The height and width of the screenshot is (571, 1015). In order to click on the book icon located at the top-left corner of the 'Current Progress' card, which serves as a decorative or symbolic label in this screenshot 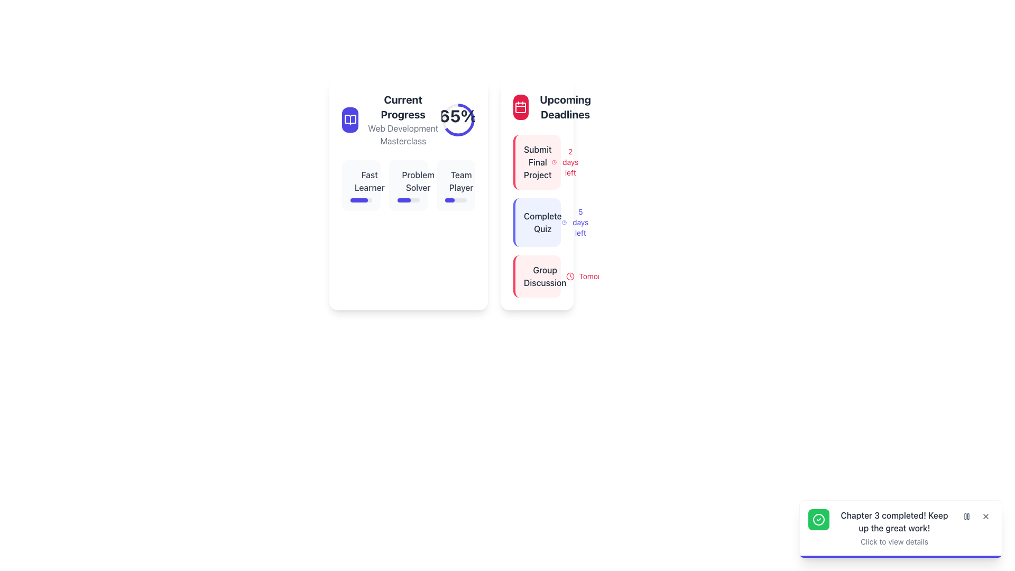, I will do `click(350, 119)`.